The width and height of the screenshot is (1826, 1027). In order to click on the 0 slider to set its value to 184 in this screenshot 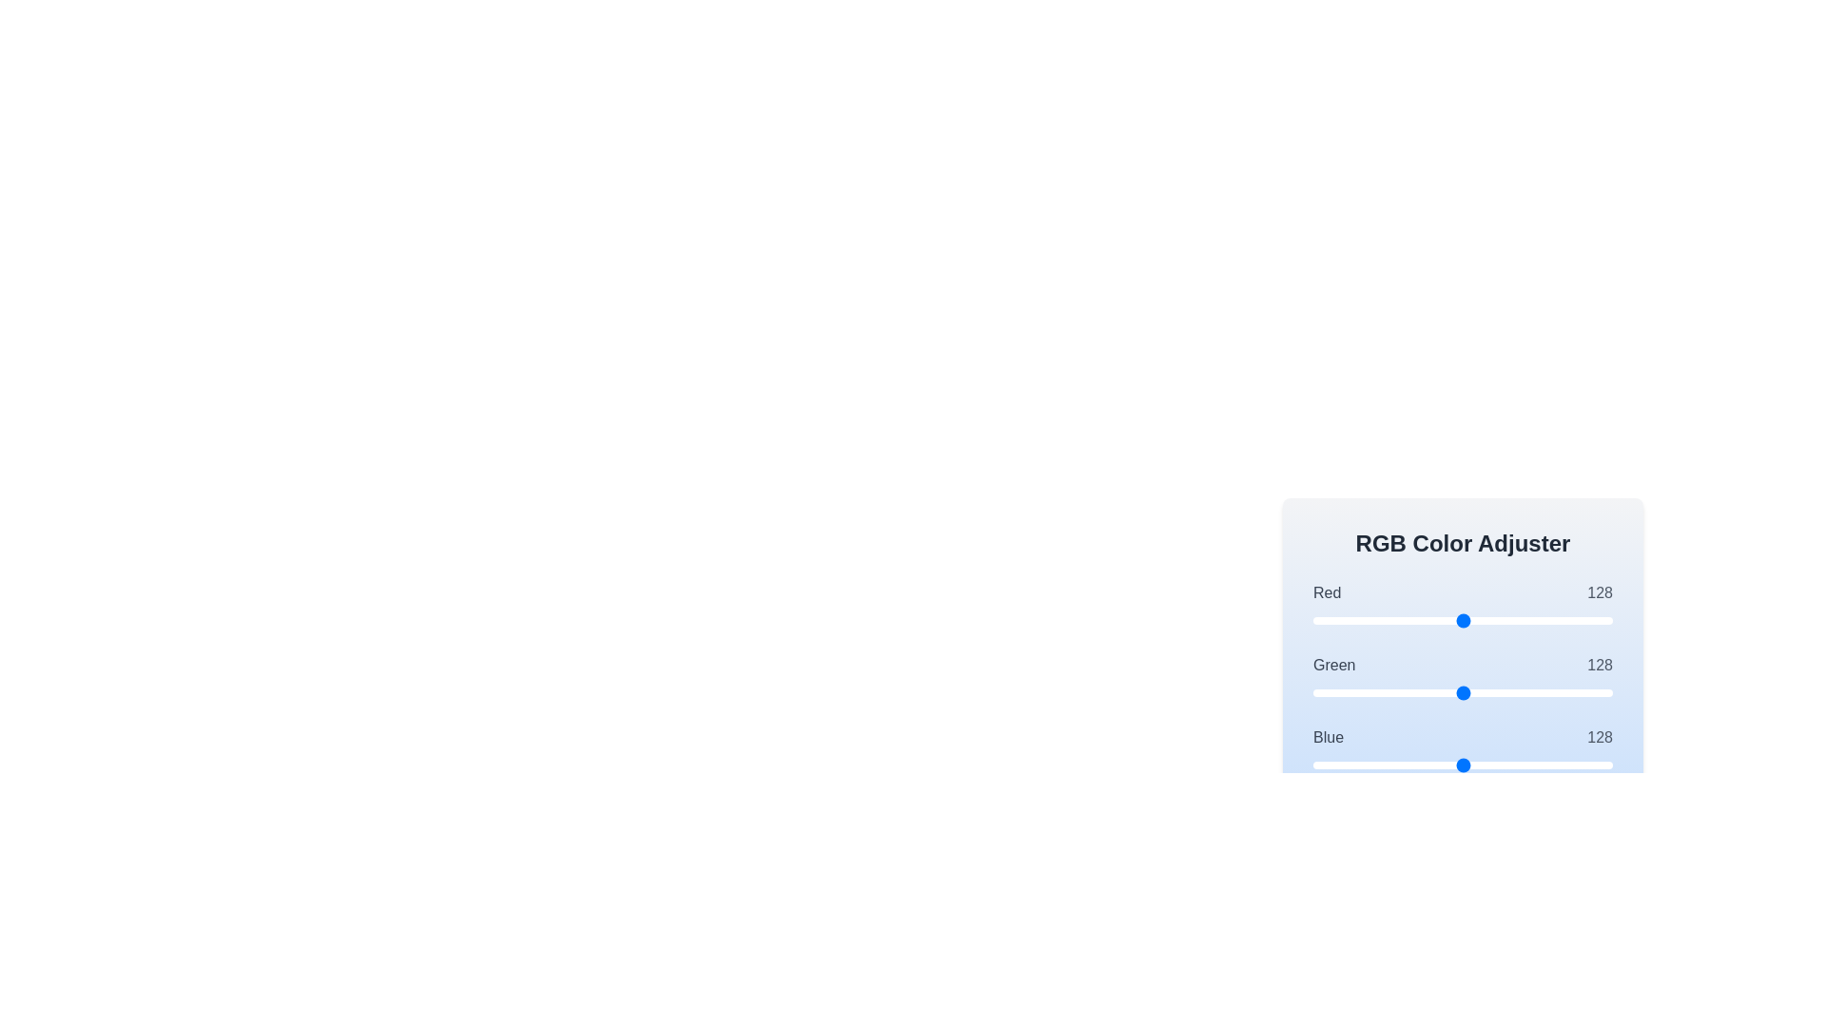, I will do `click(1529, 620)`.